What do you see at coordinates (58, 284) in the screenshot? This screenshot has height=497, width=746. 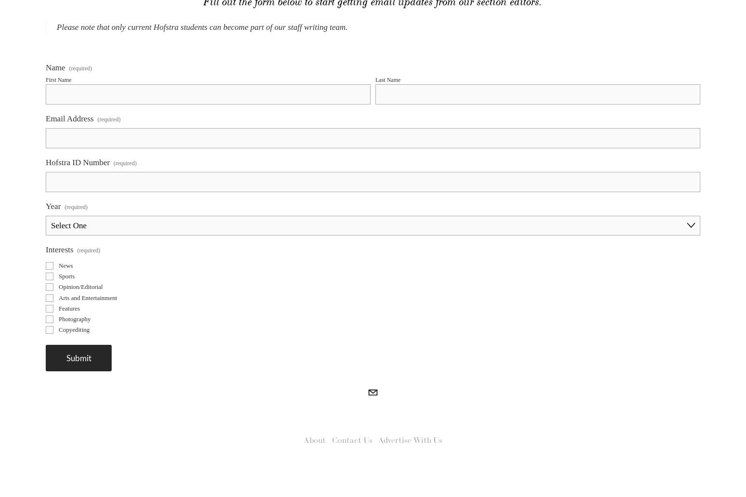 I see `'News'` at bounding box center [58, 284].